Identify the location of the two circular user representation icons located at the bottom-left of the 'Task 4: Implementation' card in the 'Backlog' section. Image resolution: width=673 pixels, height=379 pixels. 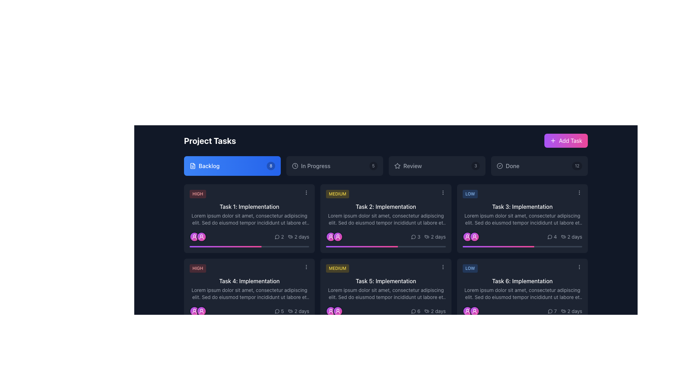
(198, 311).